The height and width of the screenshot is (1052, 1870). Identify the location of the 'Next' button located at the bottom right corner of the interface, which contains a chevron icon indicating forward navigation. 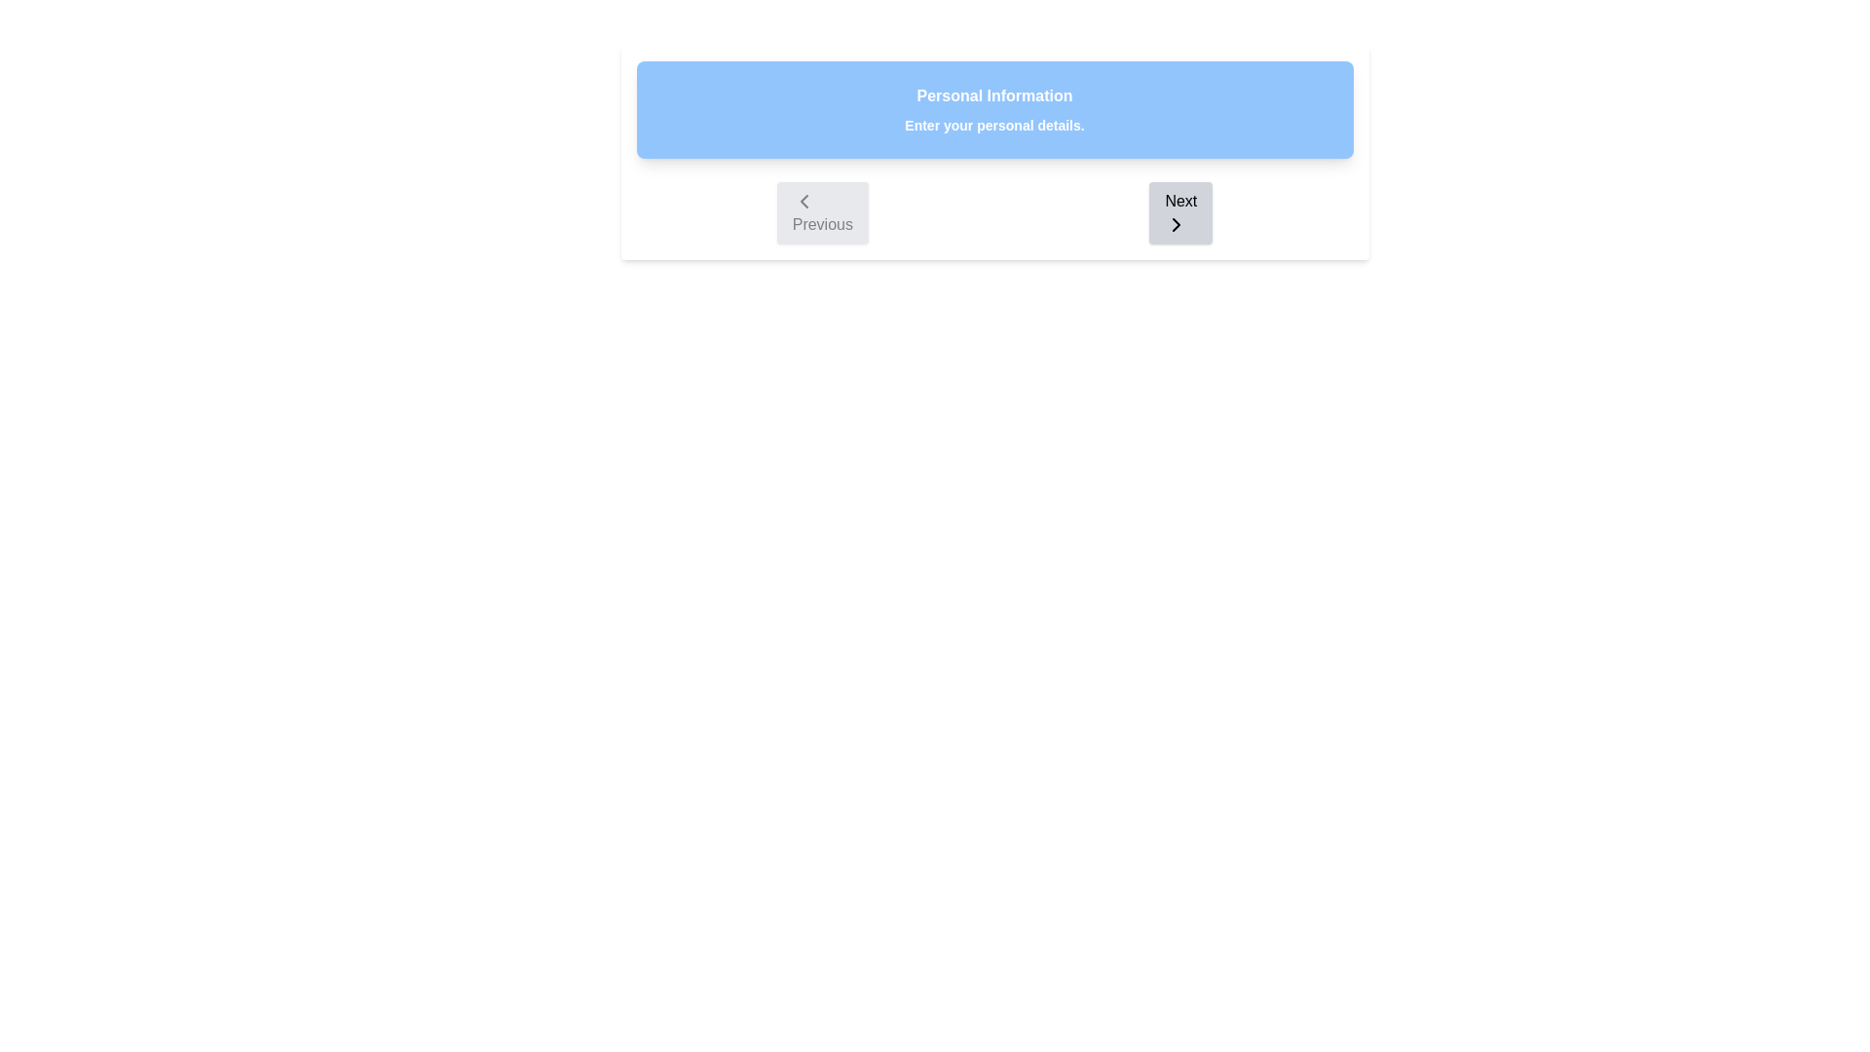
(1176, 224).